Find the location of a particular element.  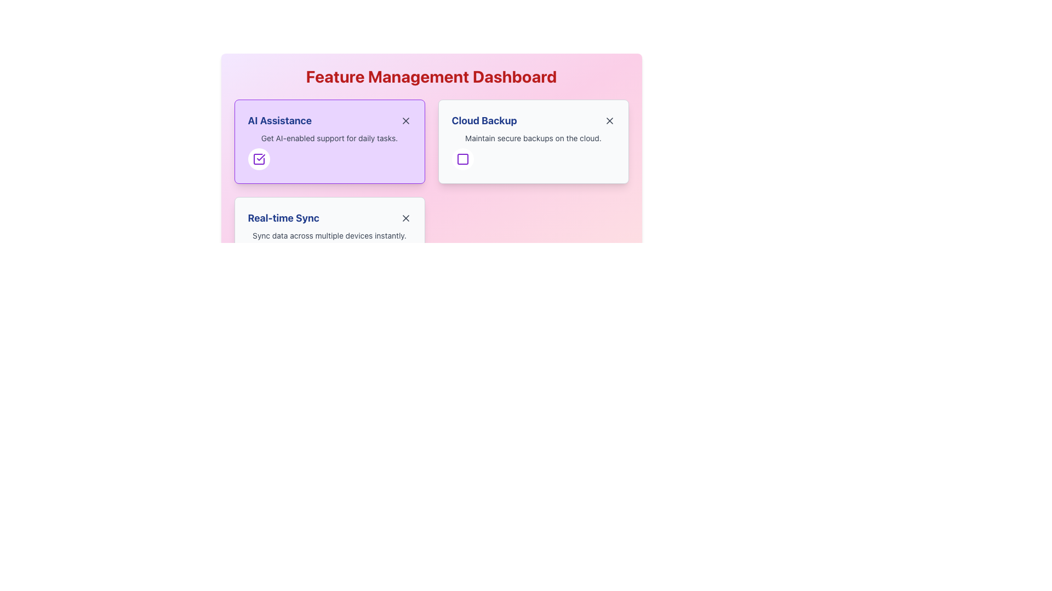

the decorative visual component within the 'Cloud Backup' feature section, located at the top right corner of the interface is located at coordinates (462, 159).